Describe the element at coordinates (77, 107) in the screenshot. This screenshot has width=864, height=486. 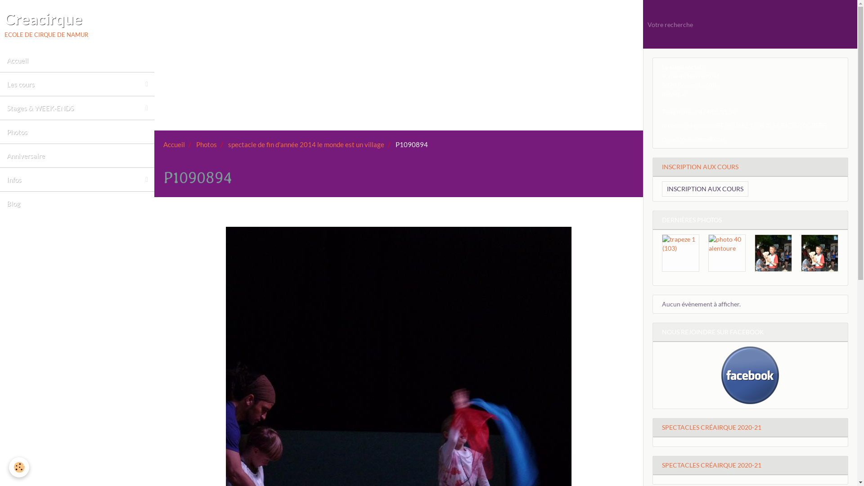
I see `'Stages & WEEK-ENDS'` at that location.